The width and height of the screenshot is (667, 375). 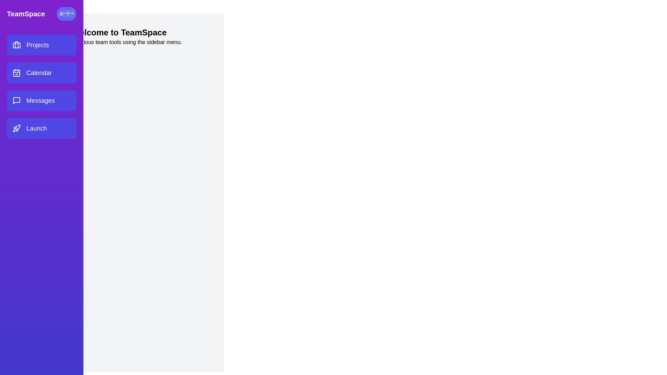 What do you see at coordinates (41, 128) in the screenshot?
I see `the menu item labeled Launch to navigate` at bounding box center [41, 128].